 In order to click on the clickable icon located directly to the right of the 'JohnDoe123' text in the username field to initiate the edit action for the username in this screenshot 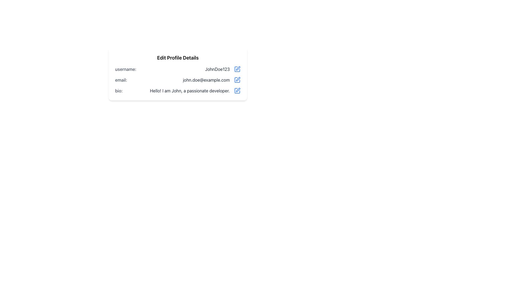, I will do `click(237, 69)`.